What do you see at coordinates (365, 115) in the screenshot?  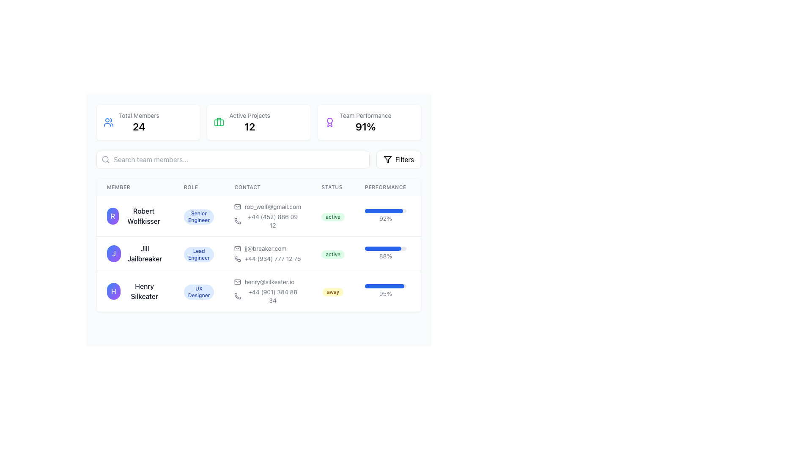 I see `the text label reading 'Team Performance', which is styled in a smaller, gray-colored font and is located above '91%' in the top-right section of the interface` at bounding box center [365, 115].